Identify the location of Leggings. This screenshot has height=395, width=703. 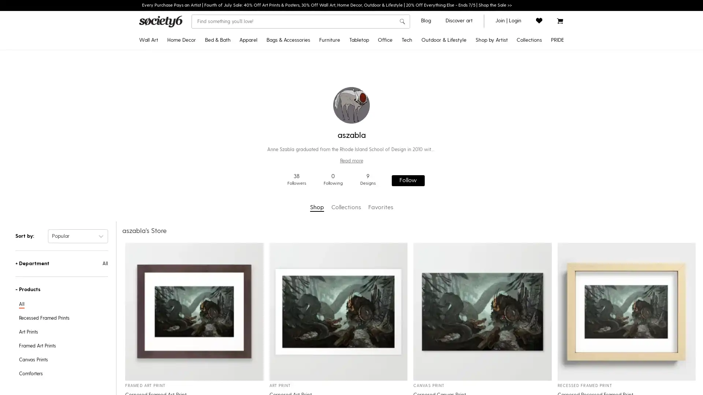
(271, 141).